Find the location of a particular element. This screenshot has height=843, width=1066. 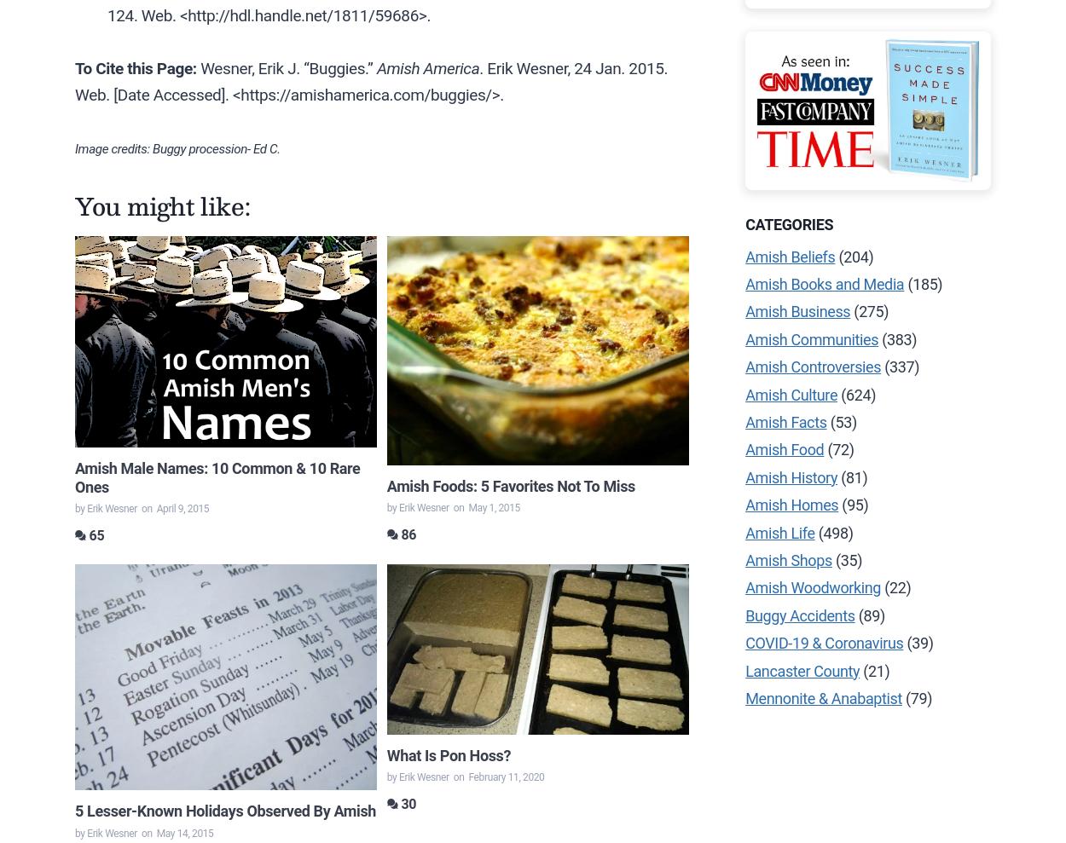

'Lancaster County' is located at coordinates (744, 669).